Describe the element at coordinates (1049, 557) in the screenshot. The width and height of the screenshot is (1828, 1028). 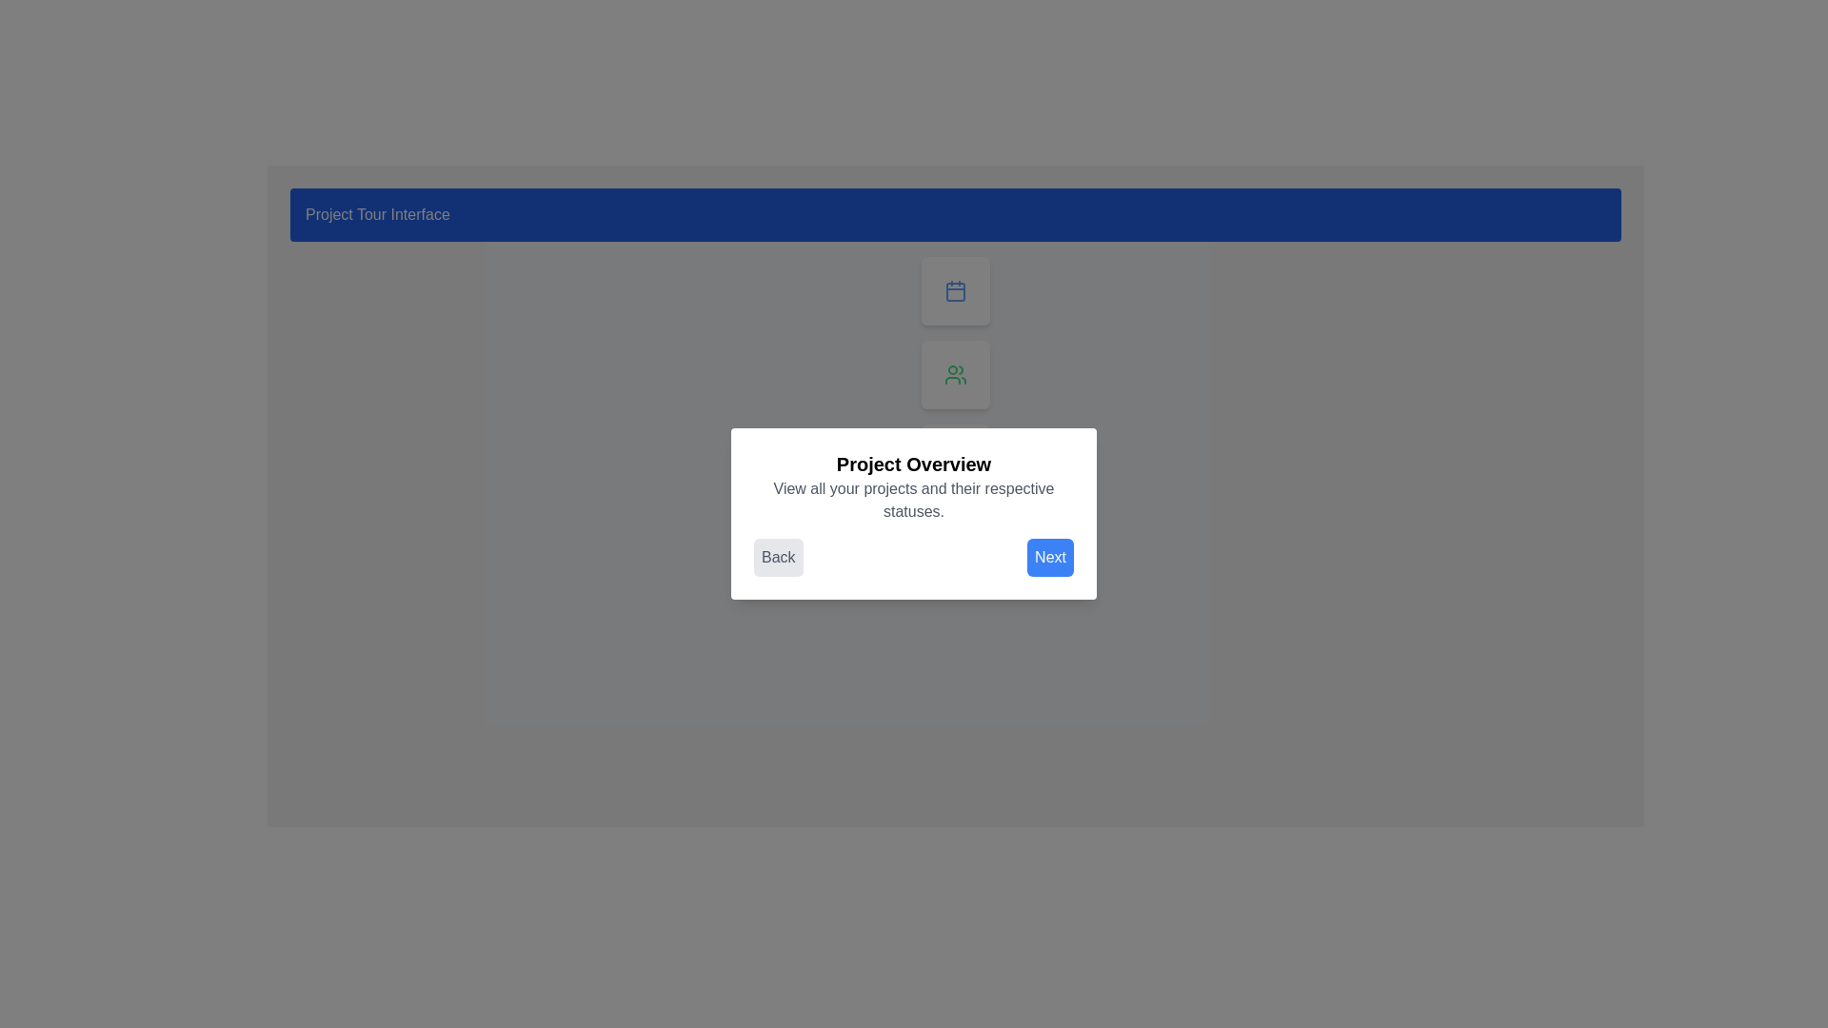
I see `the rectangular button with a blue background and white text reading 'Next' located in the bottom-right corner of the modal dialog to observe any hover effects` at that location.